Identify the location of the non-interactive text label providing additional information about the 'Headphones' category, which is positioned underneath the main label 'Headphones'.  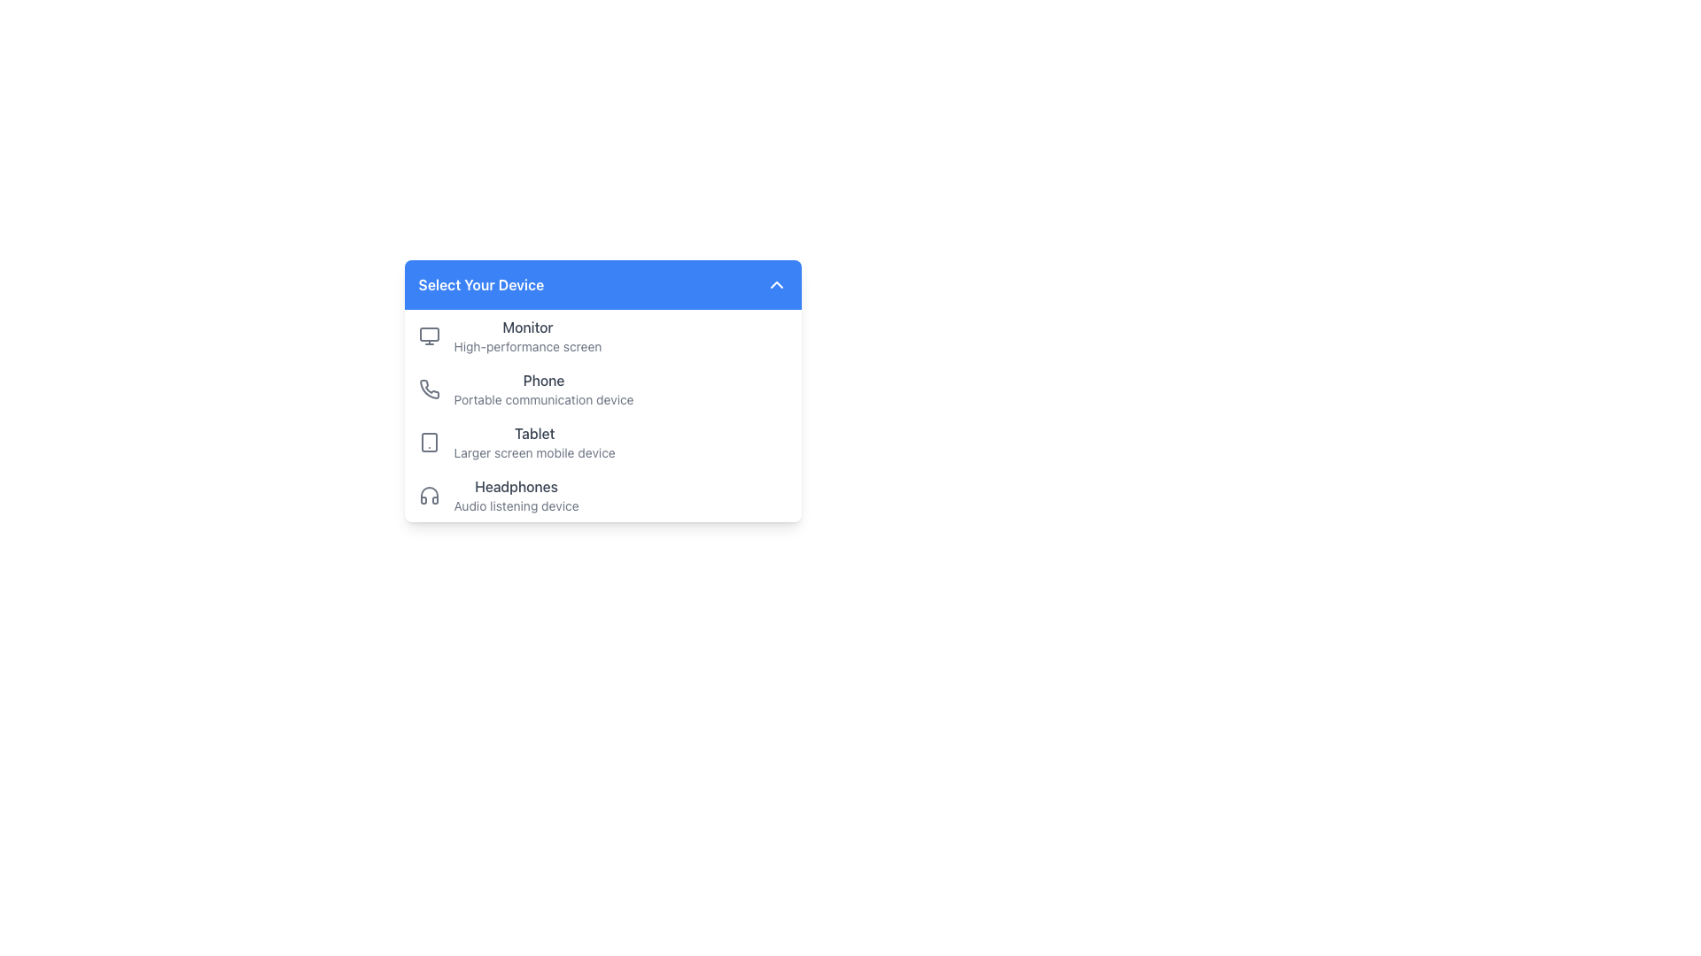
(516, 505).